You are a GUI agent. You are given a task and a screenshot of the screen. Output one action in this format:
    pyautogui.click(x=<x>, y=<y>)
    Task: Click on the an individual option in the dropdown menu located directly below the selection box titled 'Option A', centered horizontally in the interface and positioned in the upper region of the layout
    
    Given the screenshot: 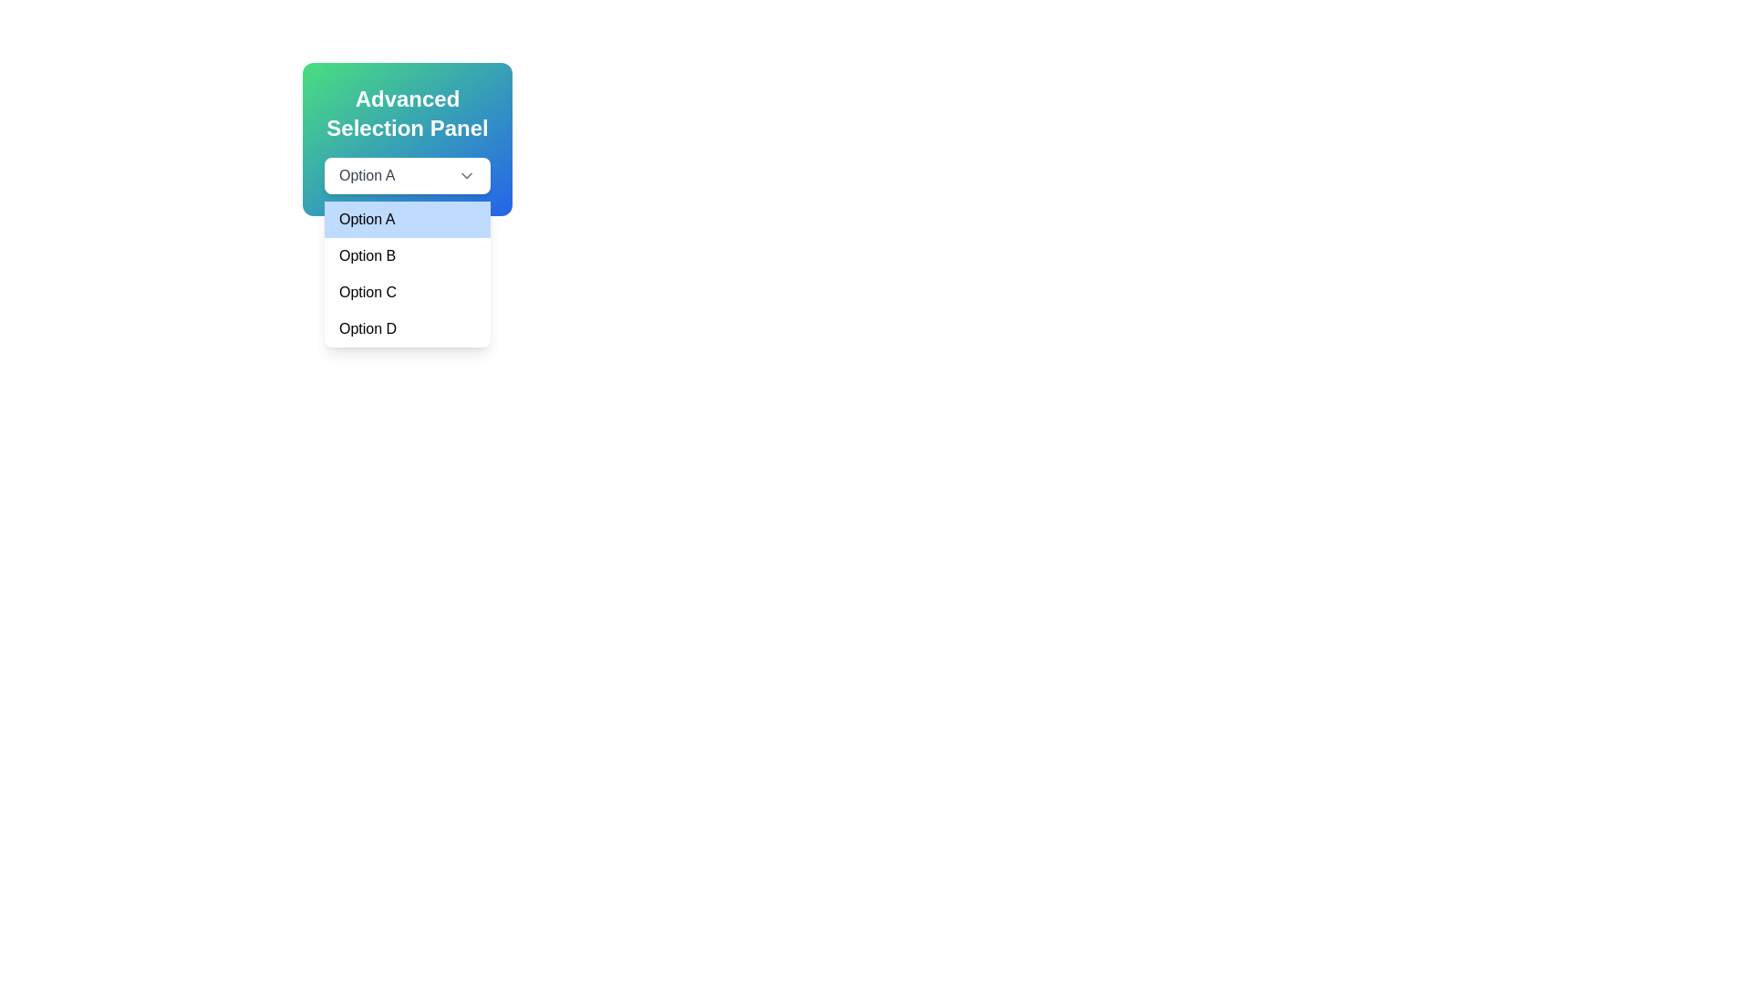 What is the action you would take?
    pyautogui.click(x=406, y=274)
    